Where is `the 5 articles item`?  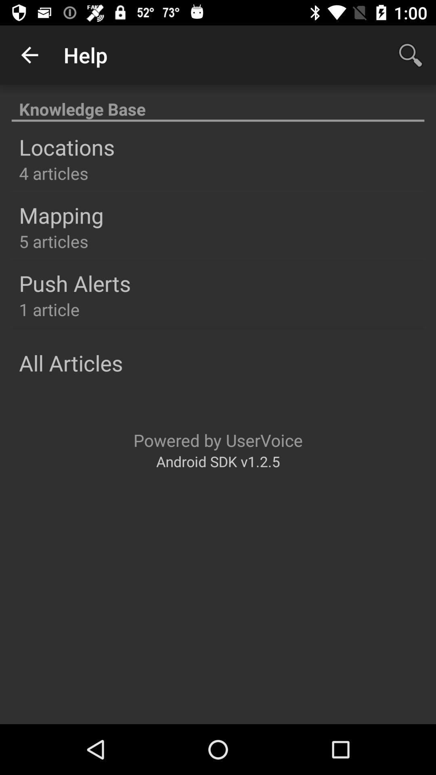 the 5 articles item is located at coordinates (54, 241).